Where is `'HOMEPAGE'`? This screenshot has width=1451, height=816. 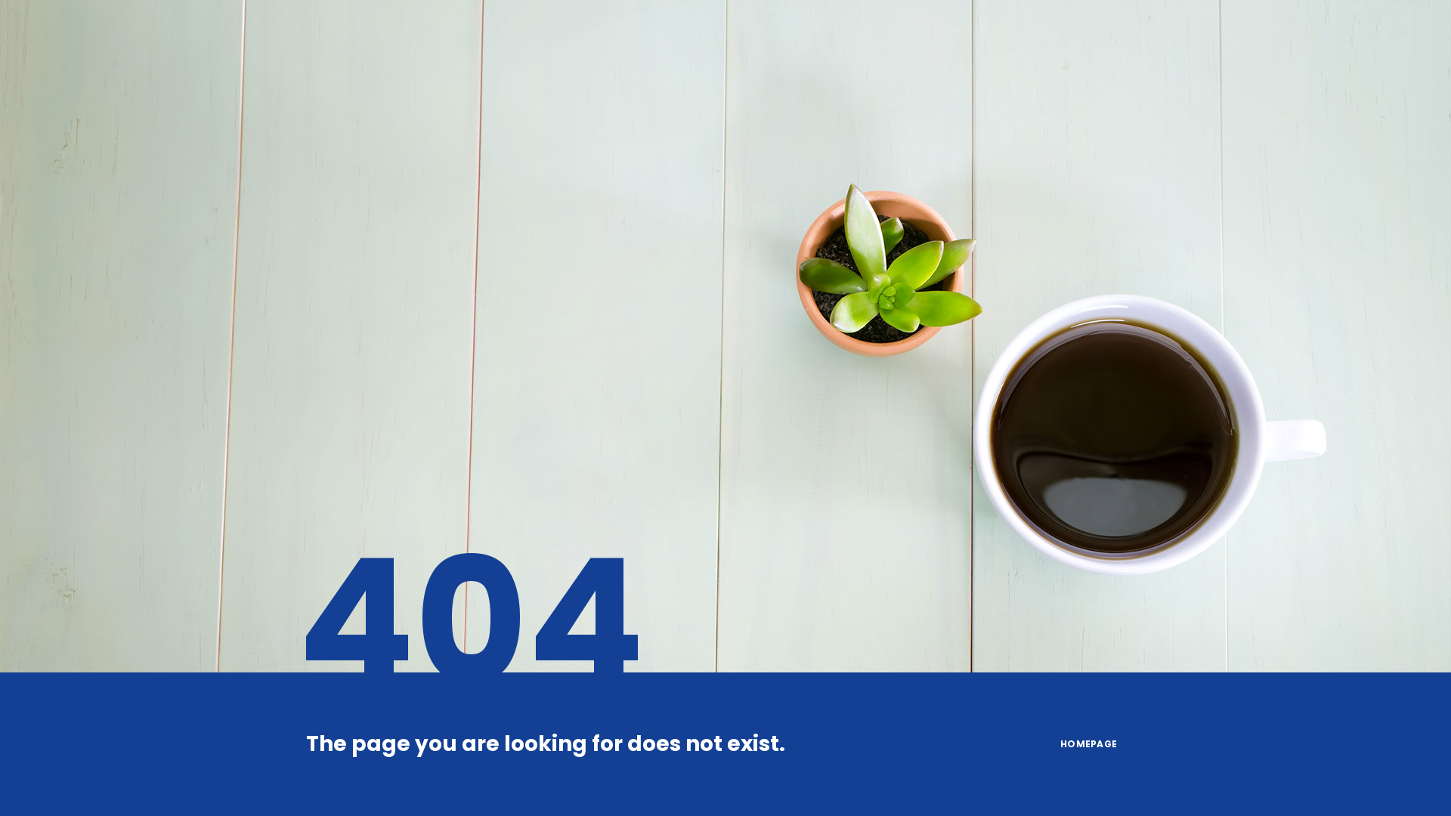 'HOMEPAGE' is located at coordinates (1089, 743).